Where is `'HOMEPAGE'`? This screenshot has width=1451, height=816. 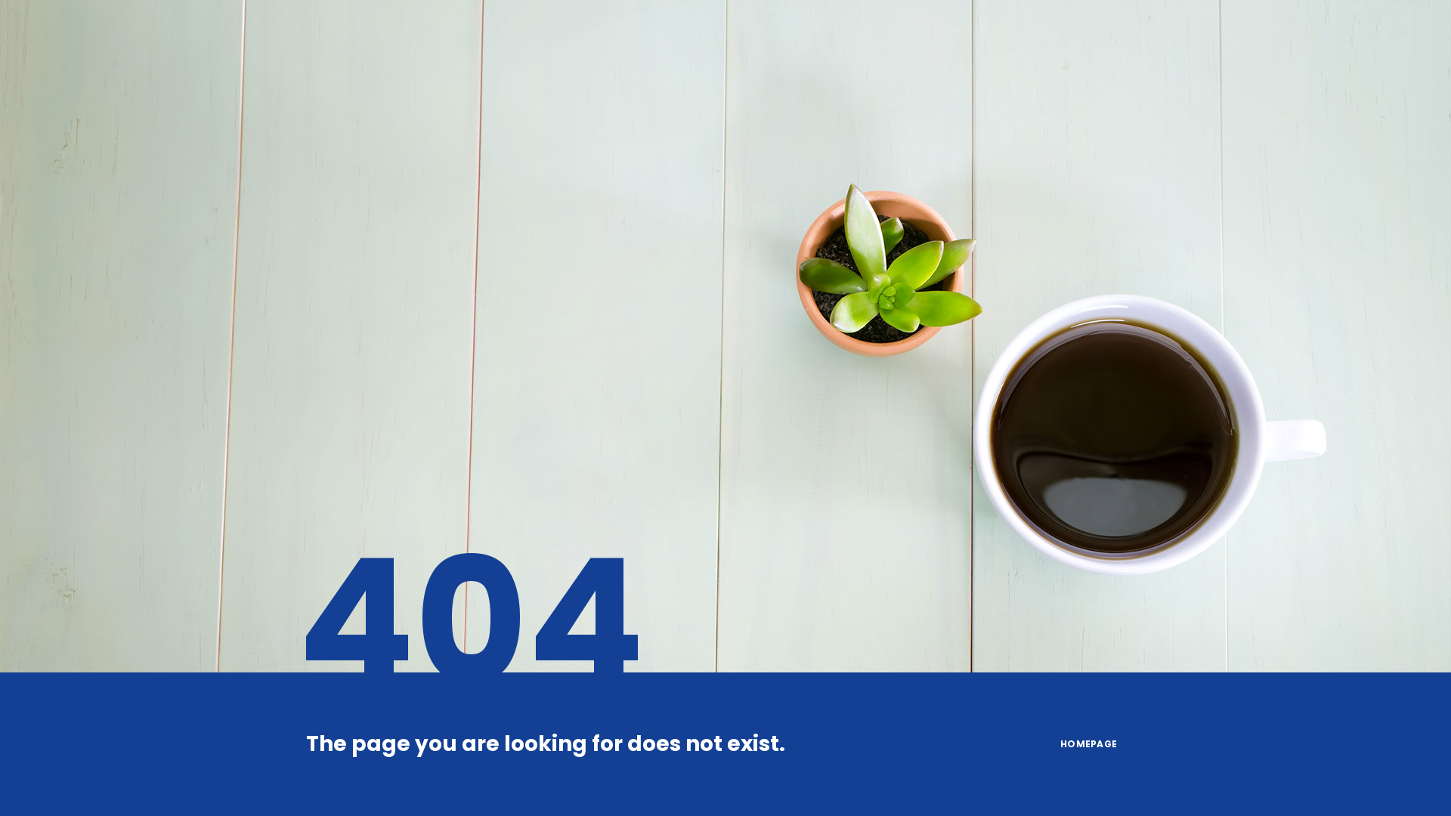 'HOMEPAGE' is located at coordinates (1089, 743).